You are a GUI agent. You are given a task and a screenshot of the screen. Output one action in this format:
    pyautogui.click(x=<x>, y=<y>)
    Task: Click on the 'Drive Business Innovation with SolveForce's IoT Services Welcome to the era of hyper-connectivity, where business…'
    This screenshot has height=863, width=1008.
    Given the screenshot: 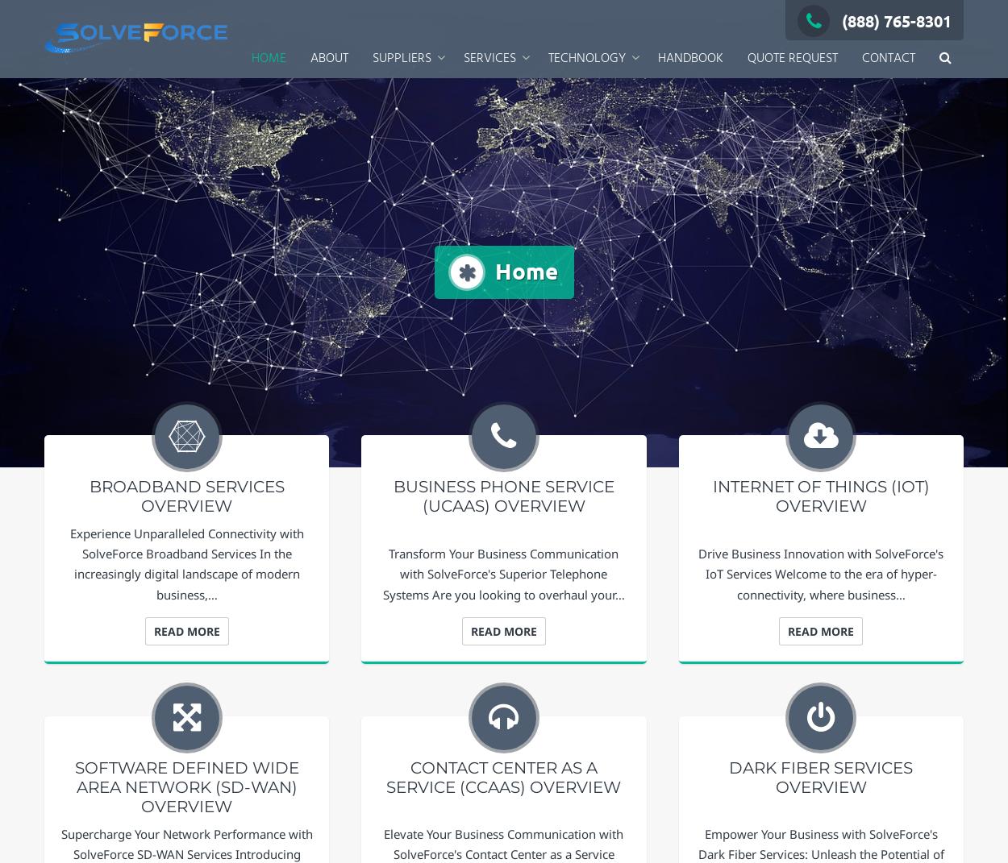 What is the action you would take?
    pyautogui.click(x=698, y=574)
    